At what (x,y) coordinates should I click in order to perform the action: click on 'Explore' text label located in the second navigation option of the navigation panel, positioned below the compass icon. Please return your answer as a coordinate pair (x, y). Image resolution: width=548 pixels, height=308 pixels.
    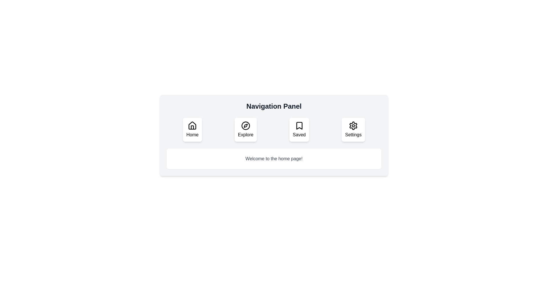
    Looking at the image, I should click on (245, 135).